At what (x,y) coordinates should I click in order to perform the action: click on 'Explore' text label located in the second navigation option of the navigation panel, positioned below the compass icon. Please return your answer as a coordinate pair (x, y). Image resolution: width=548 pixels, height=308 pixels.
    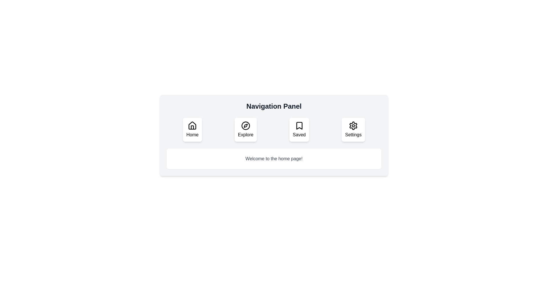
    Looking at the image, I should click on (245, 135).